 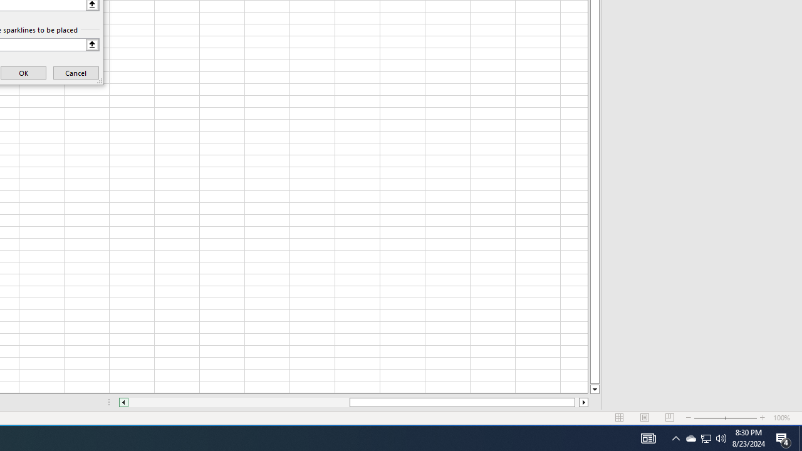 I want to click on 'Column left', so click(x=123, y=402).